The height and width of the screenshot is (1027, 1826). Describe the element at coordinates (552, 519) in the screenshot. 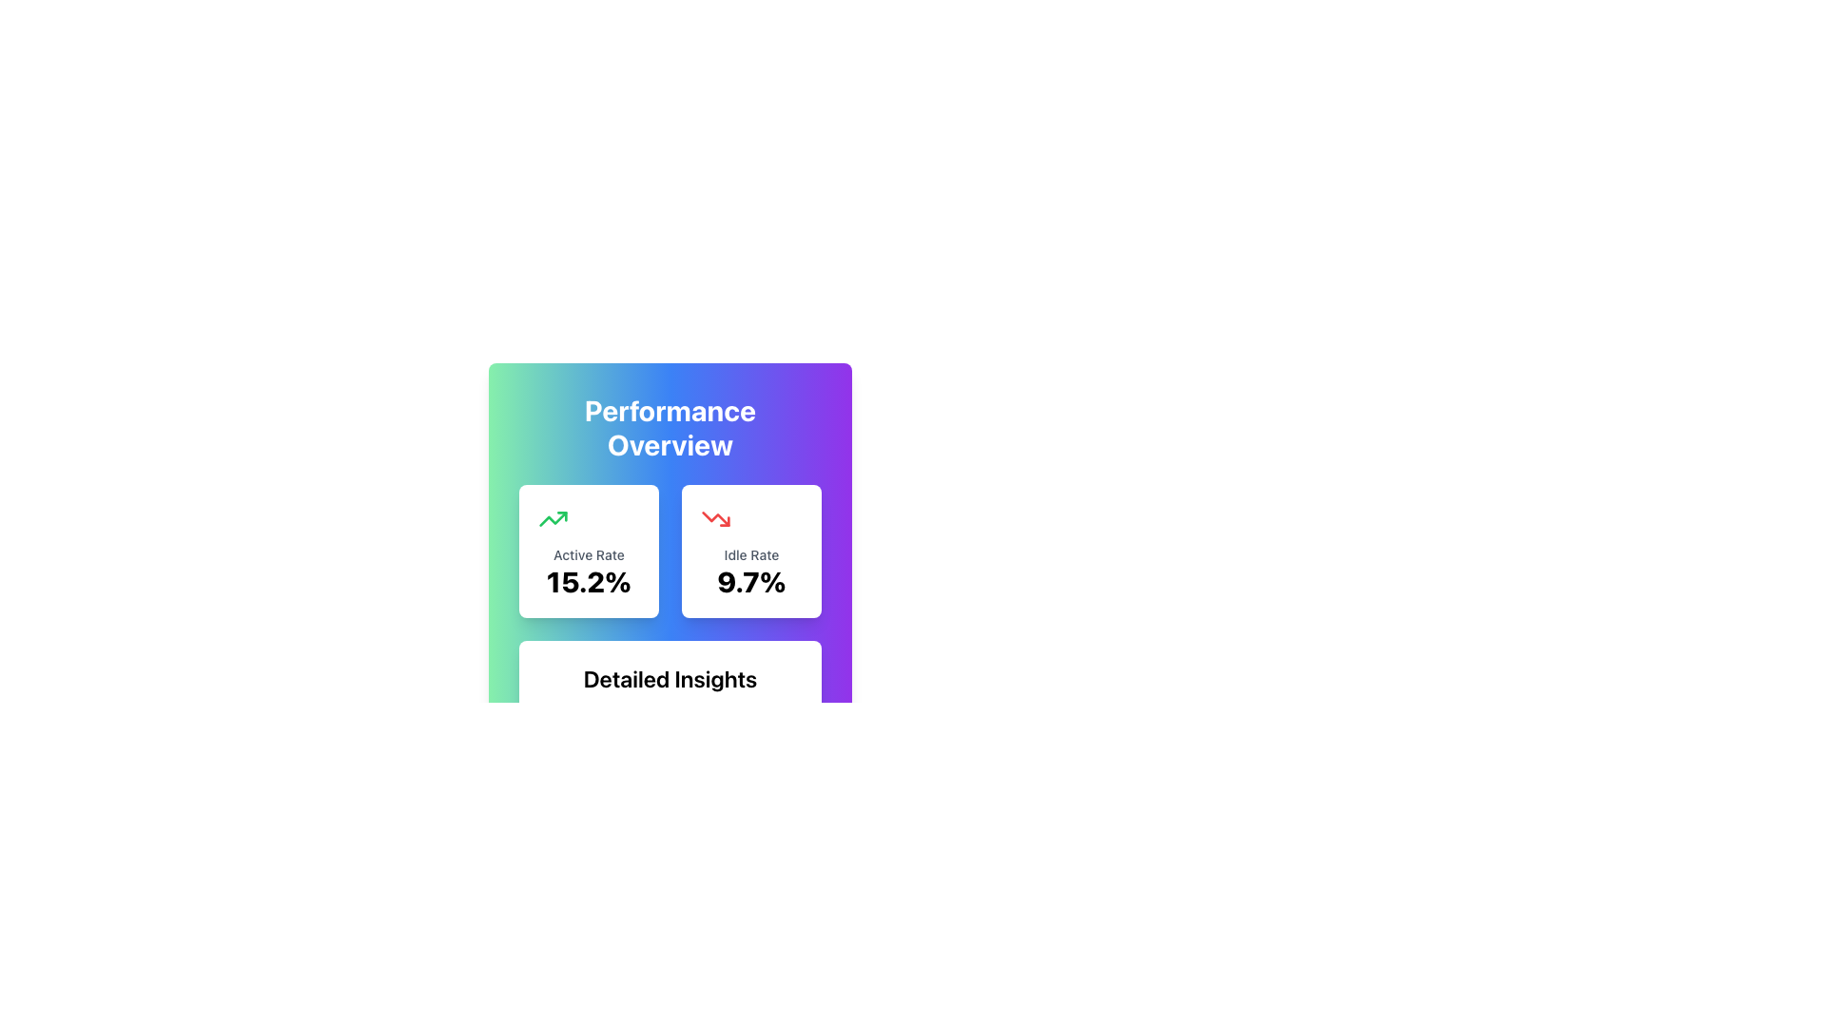

I see `the green upward trending arrow icon located at the top-left within the 'Active Rate' card, directly above the numerical metric '15.2%' and near the label 'Active Rate'` at that location.